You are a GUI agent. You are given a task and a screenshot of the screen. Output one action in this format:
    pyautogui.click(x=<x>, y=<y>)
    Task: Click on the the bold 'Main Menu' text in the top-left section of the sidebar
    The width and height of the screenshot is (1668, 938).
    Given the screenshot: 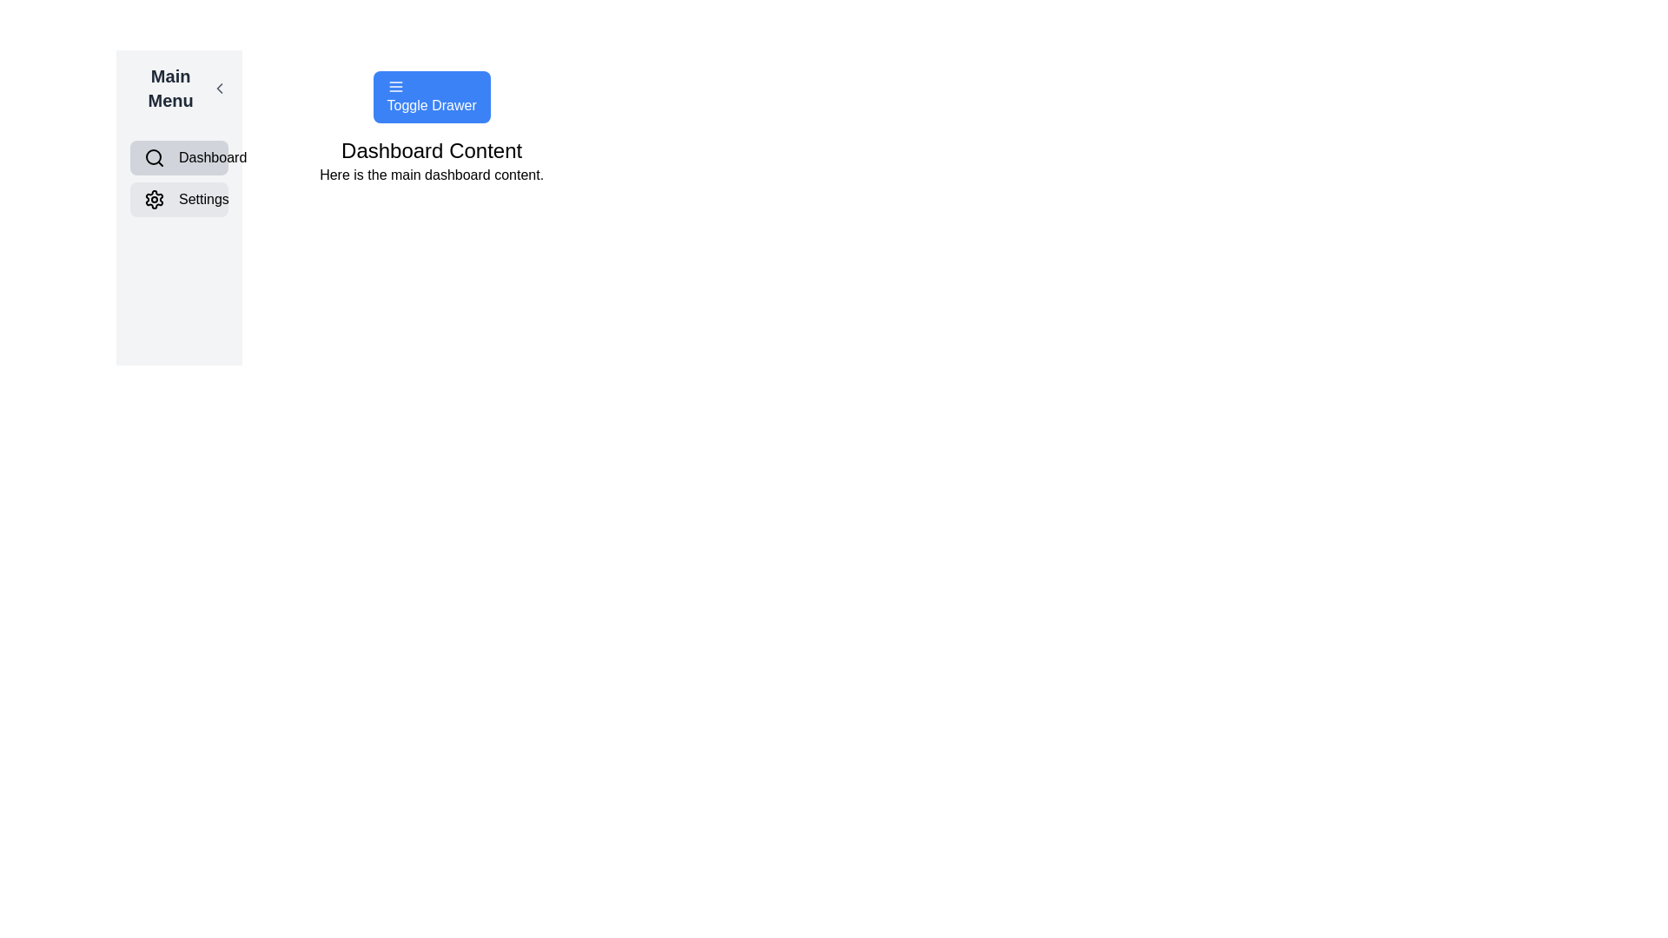 What is the action you would take?
    pyautogui.click(x=170, y=88)
    